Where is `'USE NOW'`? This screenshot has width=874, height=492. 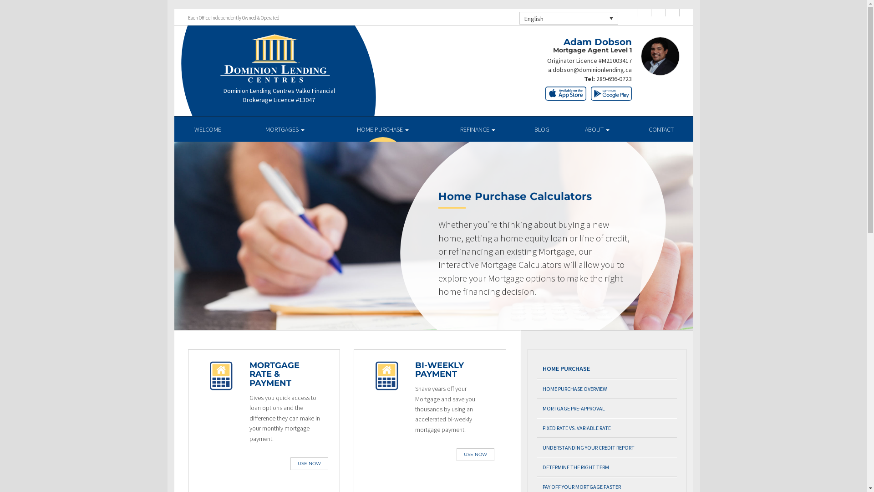
'USE NOW' is located at coordinates (309, 464).